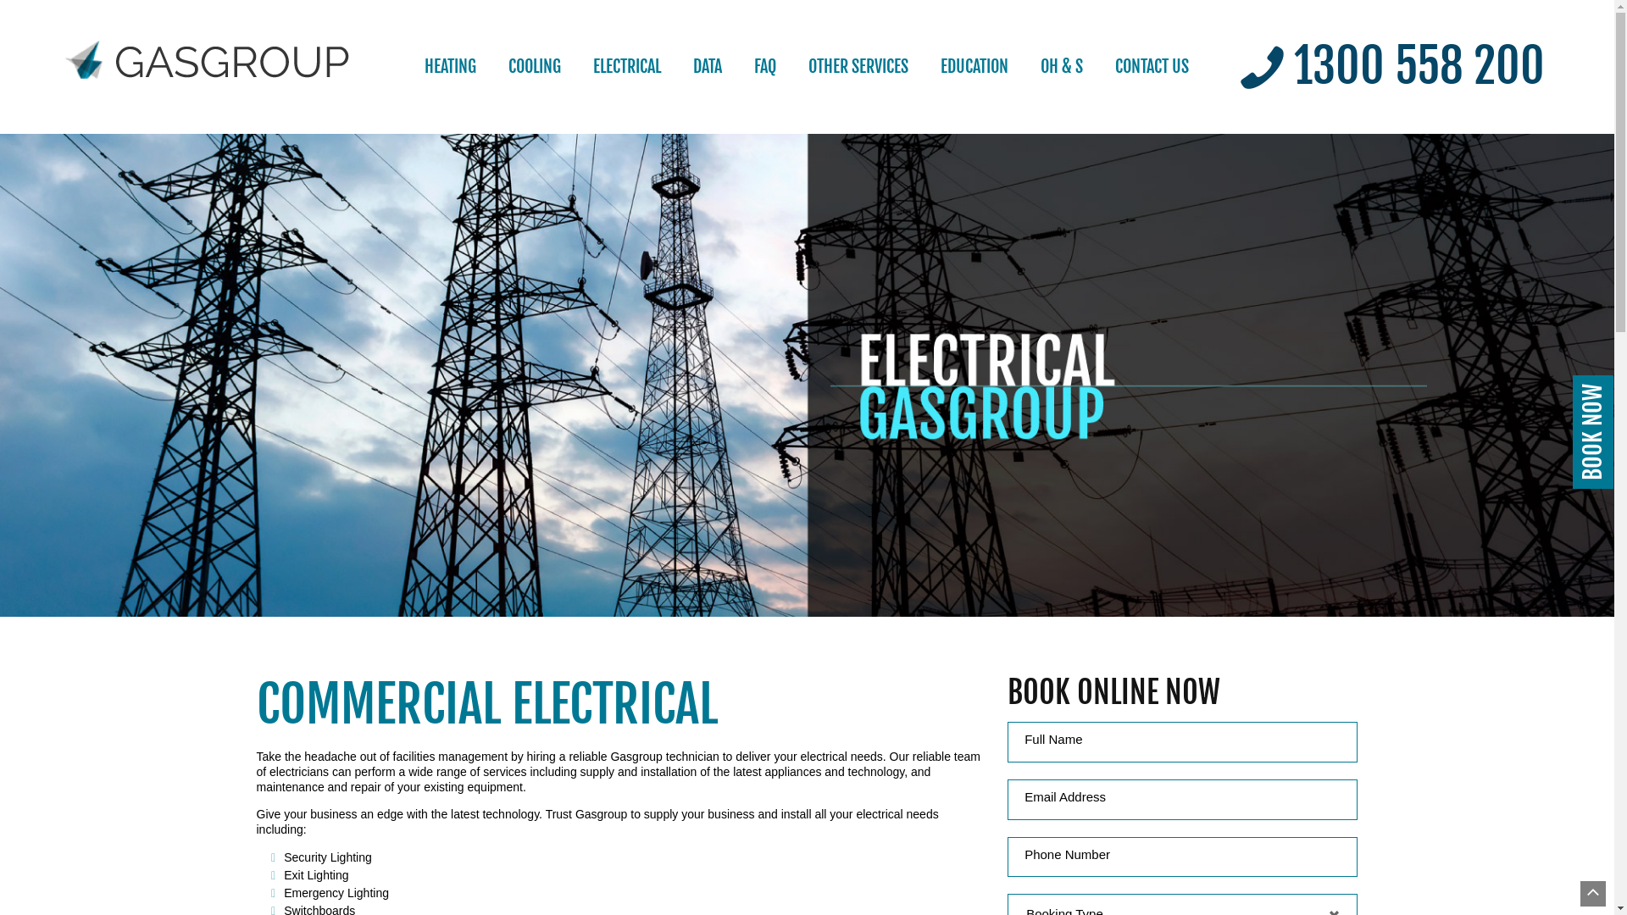 This screenshot has height=915, width=1627. I want to click on 'COOLING', so click(533, 65).